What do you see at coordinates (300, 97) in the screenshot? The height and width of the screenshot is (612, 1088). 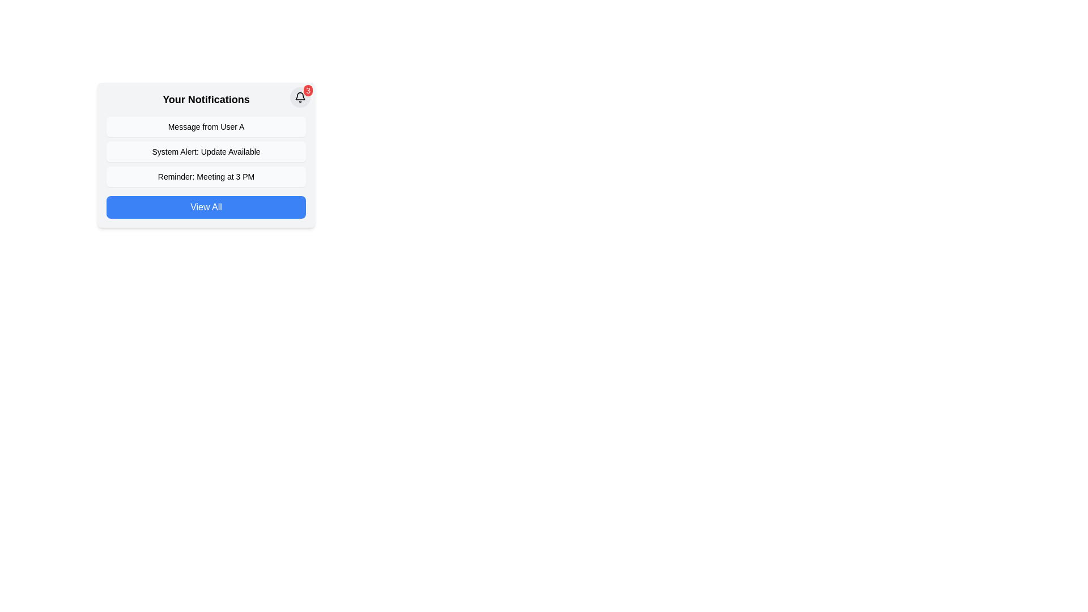 I see `the bell icon located in the top-right corner of the 'Your Notifications' panel` at bounding box center [300, 97].